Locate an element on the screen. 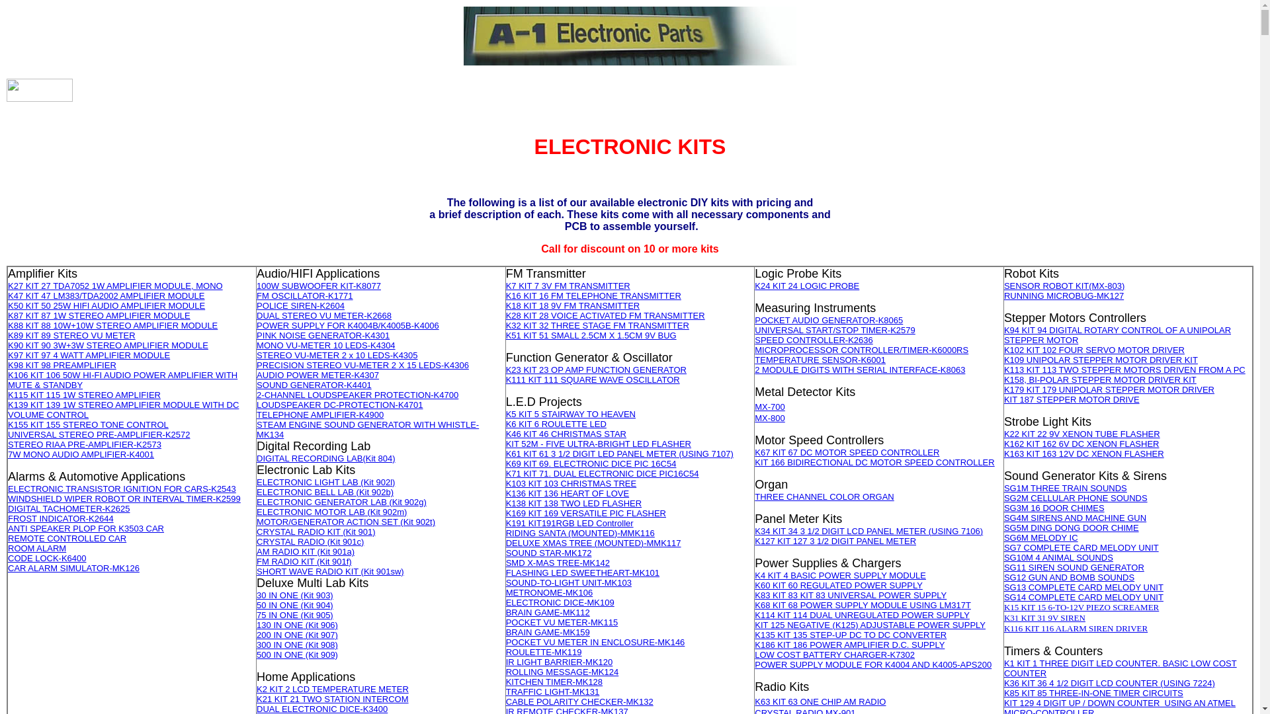 Image resolution: width=1270 pixels, height=714 pixels. 'K191 KIT191RGB LED Controller' is located at coordinates (505, 522).